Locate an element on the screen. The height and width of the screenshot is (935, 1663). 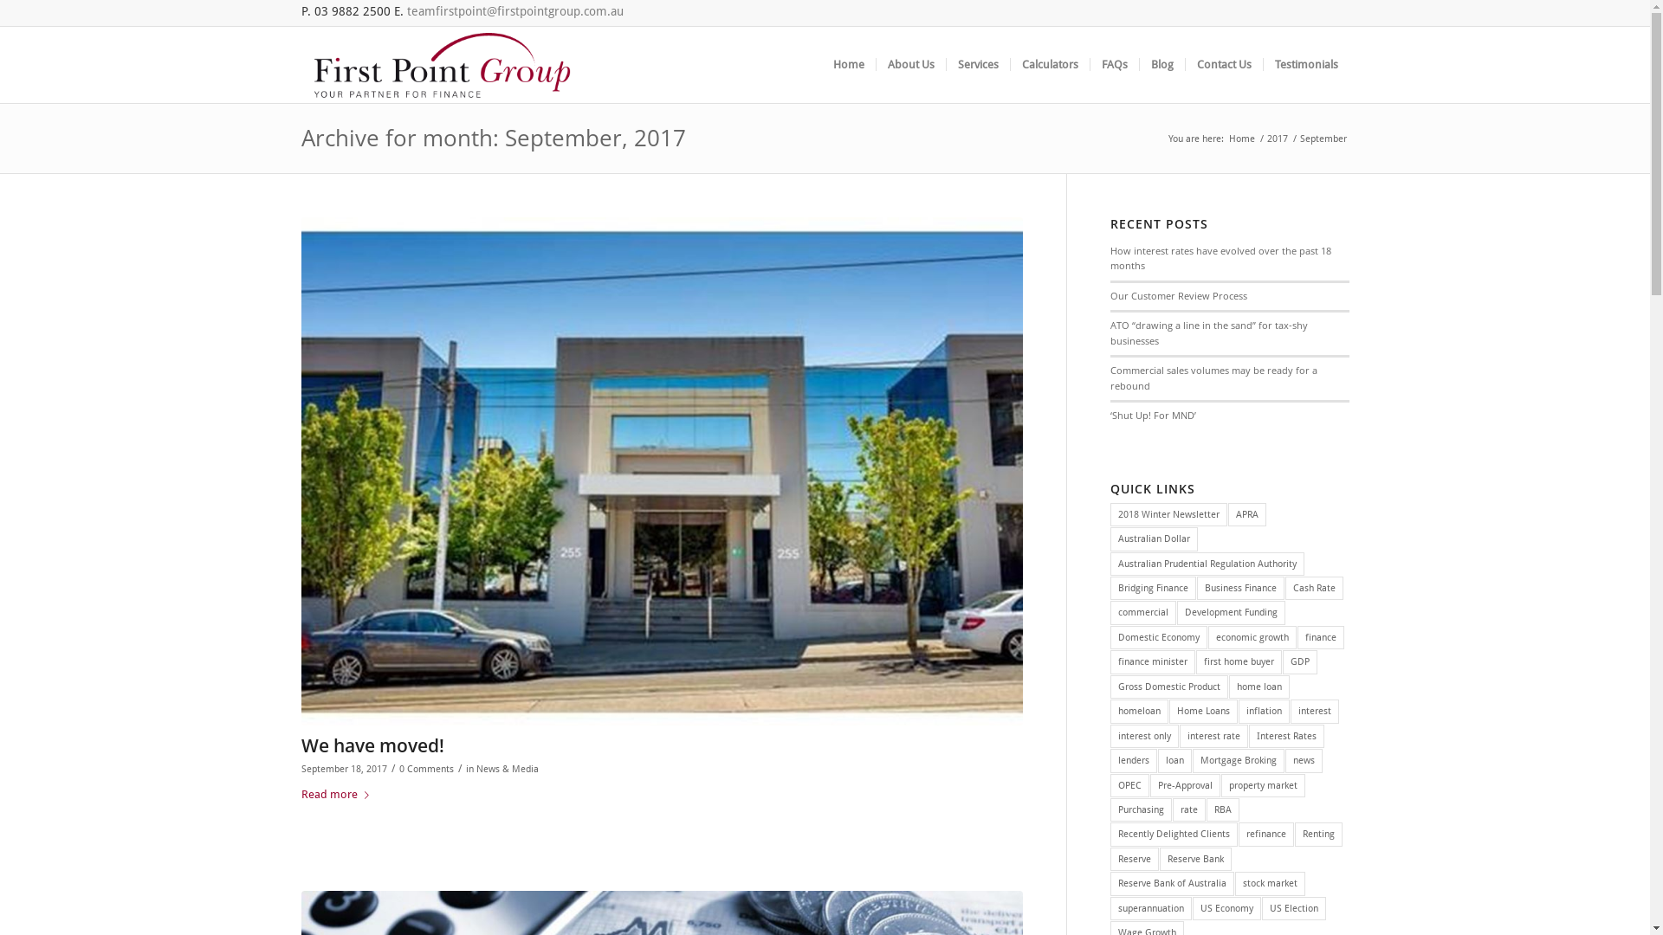
'Reserve' is located at coordinates (1135, 859).